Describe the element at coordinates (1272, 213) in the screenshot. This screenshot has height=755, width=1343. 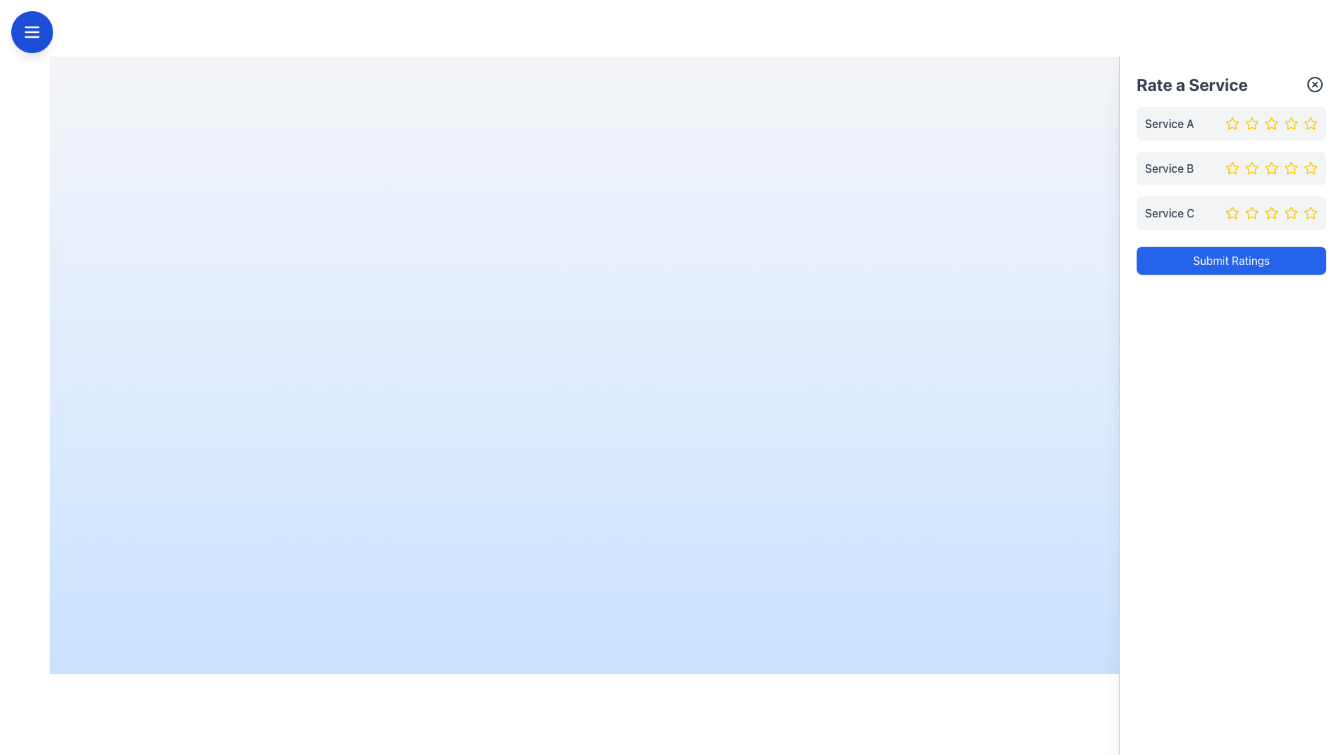
I see `the third star in the star rating component to rate 'Service C' with three stars` at that location.